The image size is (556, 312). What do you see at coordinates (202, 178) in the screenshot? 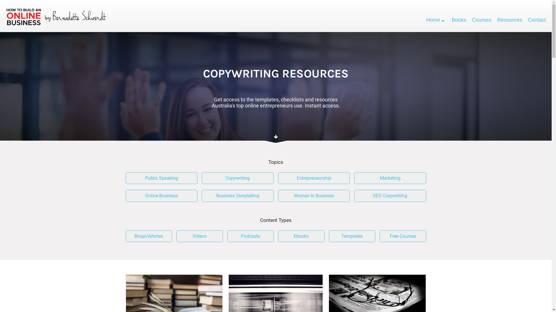
I see `'Copywriting'` at bounding box center [202, 178].